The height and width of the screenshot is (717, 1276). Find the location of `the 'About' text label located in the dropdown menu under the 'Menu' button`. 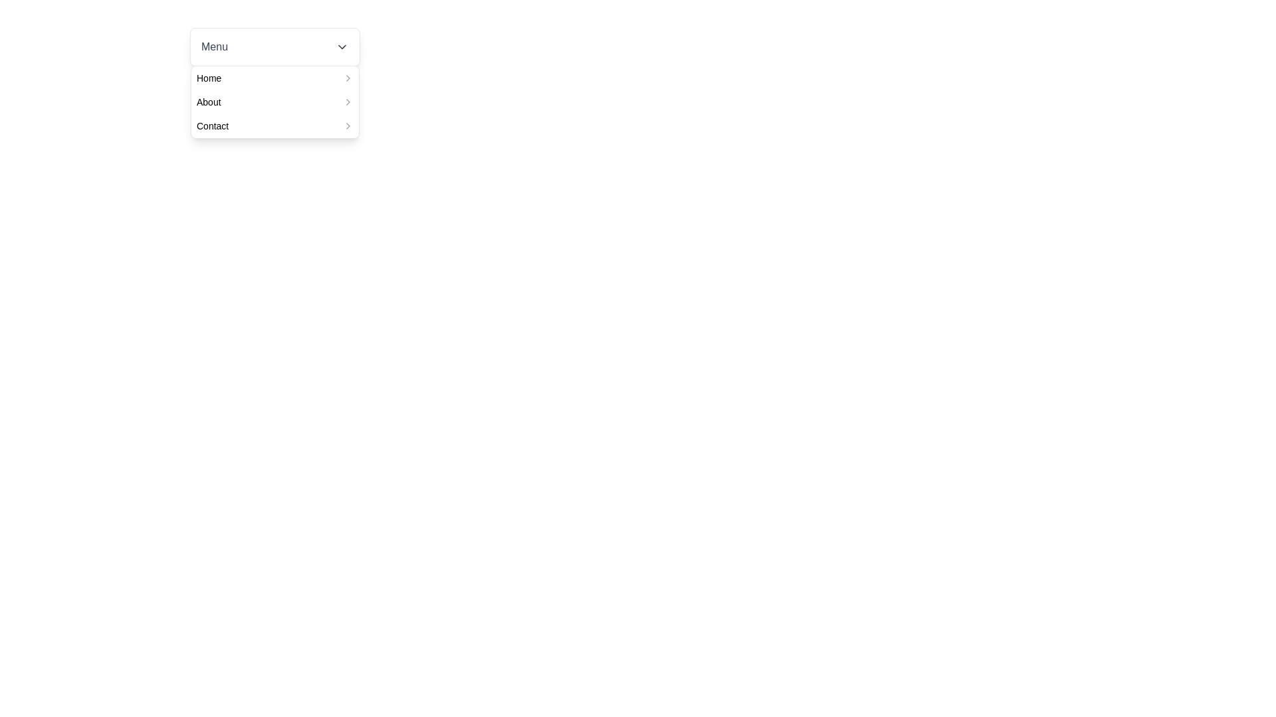

the 'About' text label located in the dropdown menu under the 'Menu' button is located at coordinates (208, 102).